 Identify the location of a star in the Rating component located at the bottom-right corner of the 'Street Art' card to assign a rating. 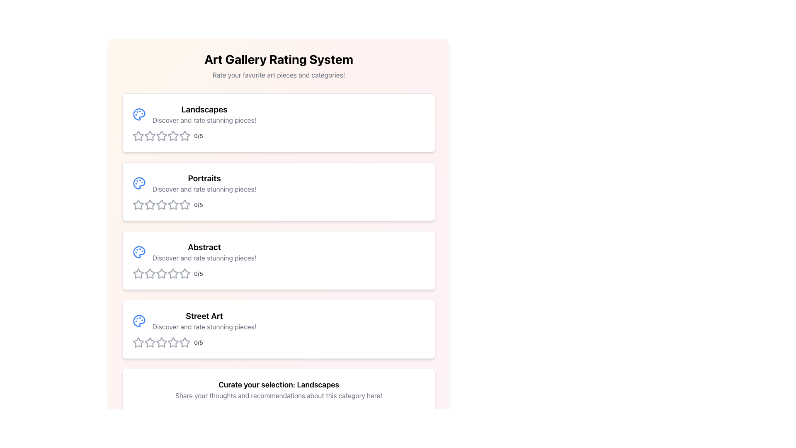
(279, 342).